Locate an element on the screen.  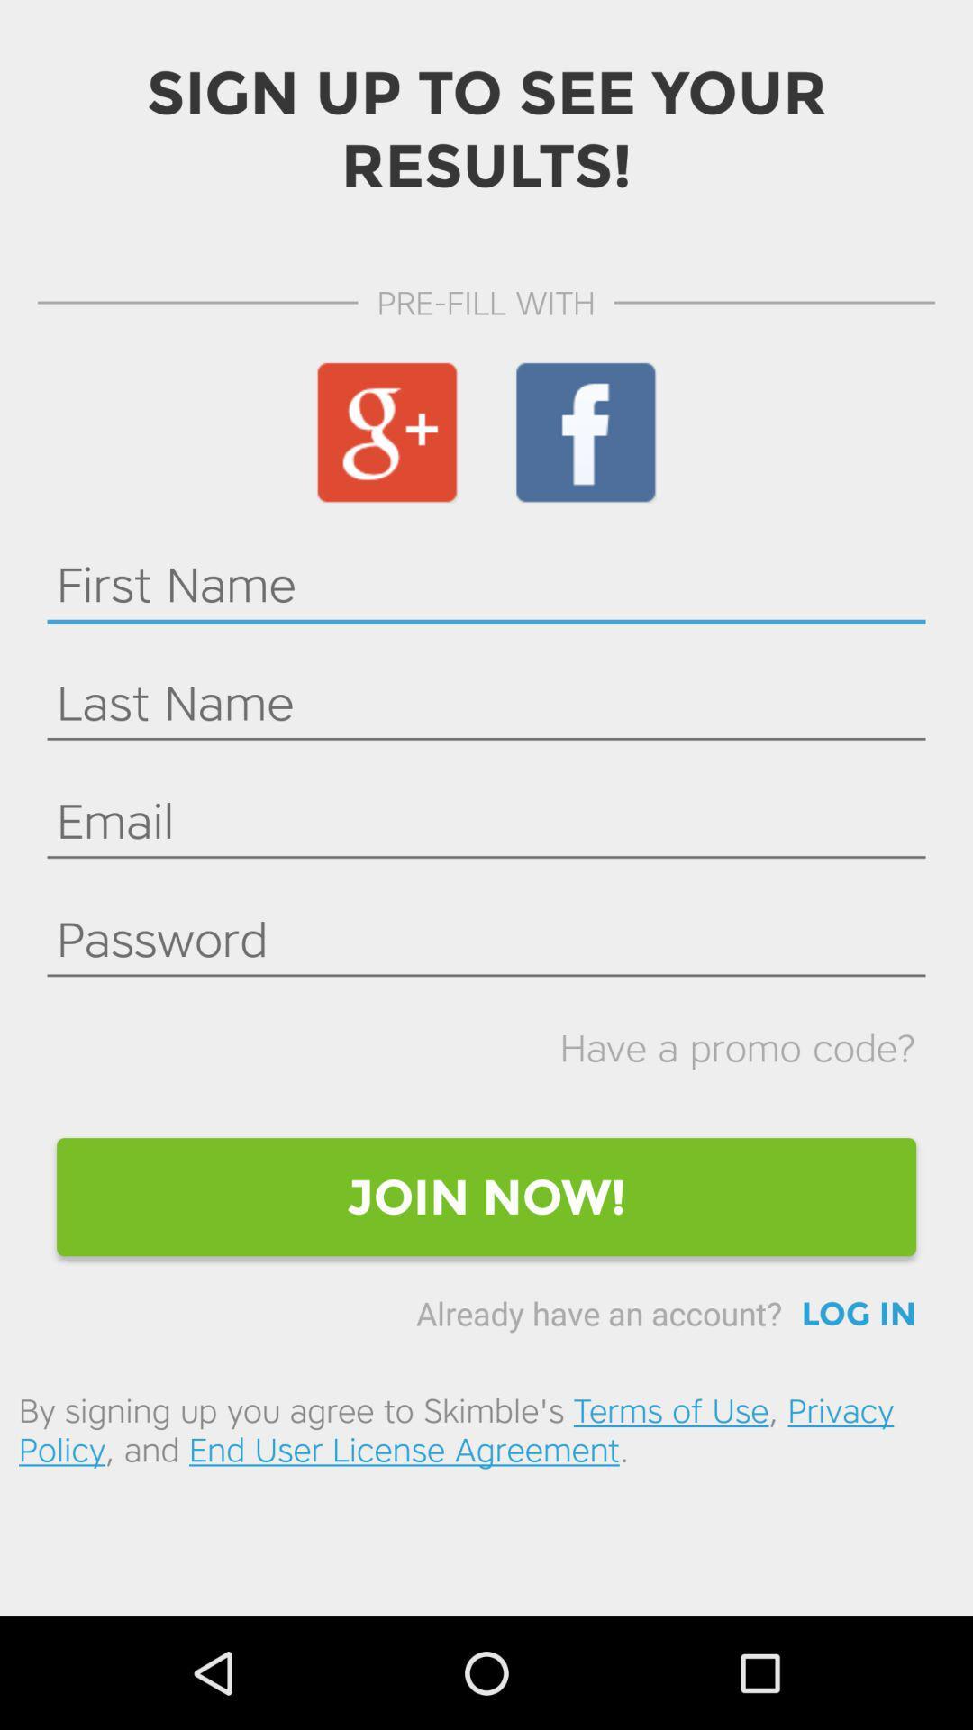
have a promo is located at coordinates (738, 1047).